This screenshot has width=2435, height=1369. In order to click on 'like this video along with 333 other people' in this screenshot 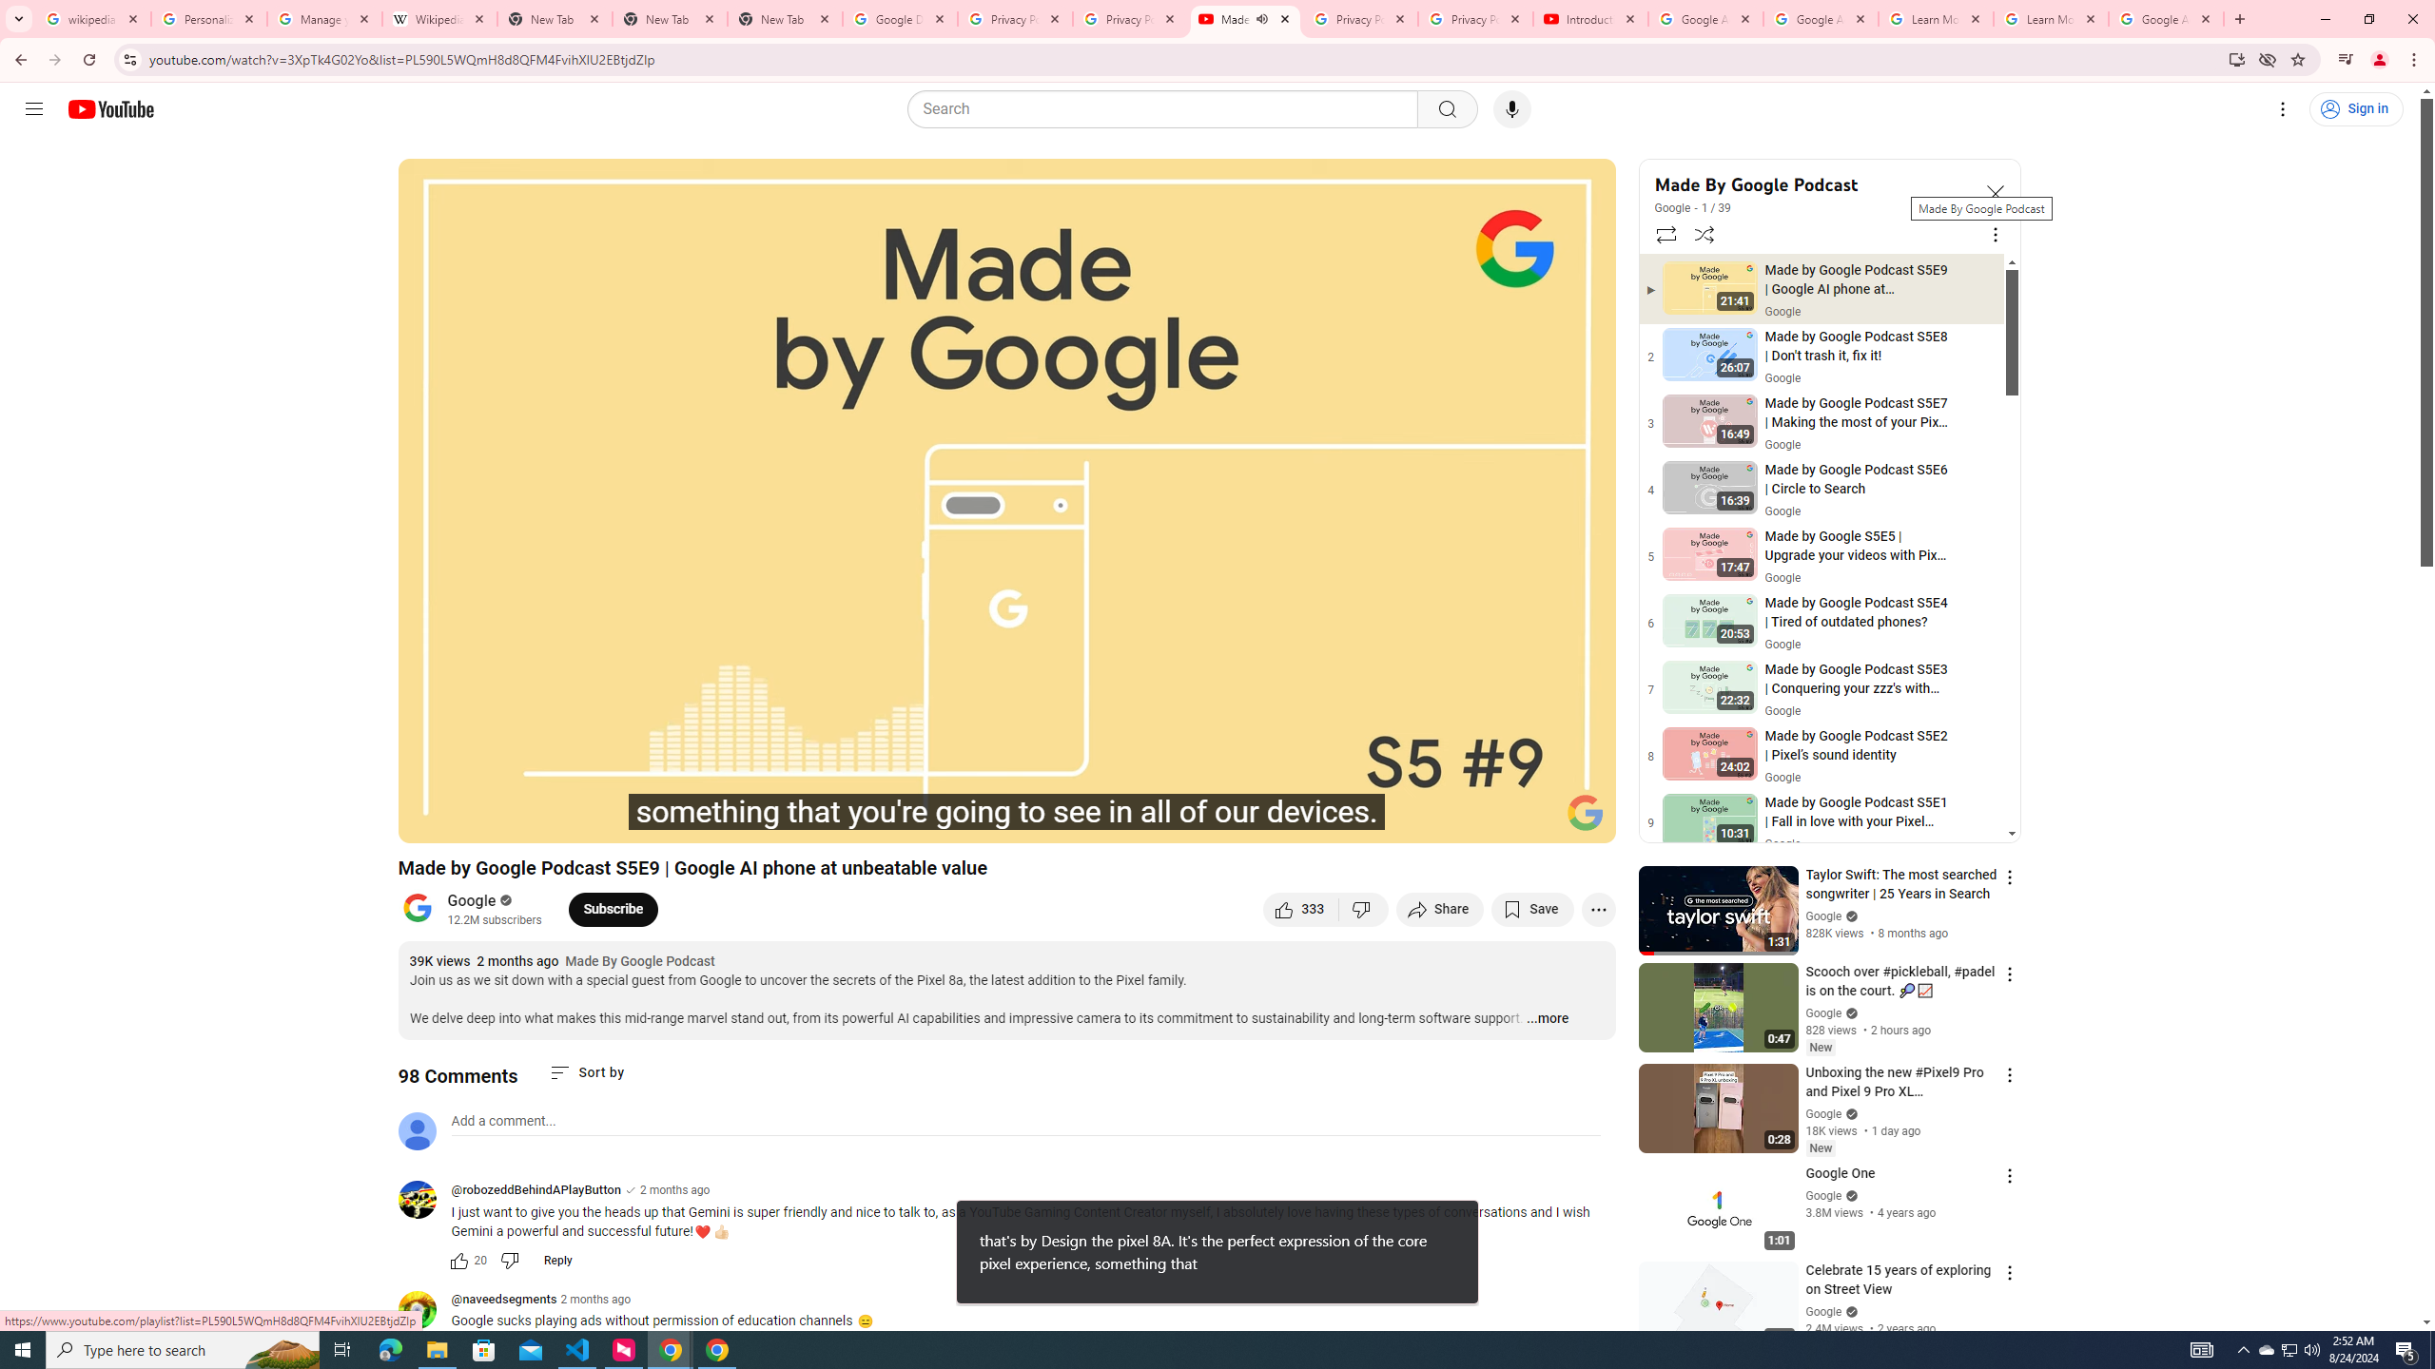, I will do `click(1300, 908)`.